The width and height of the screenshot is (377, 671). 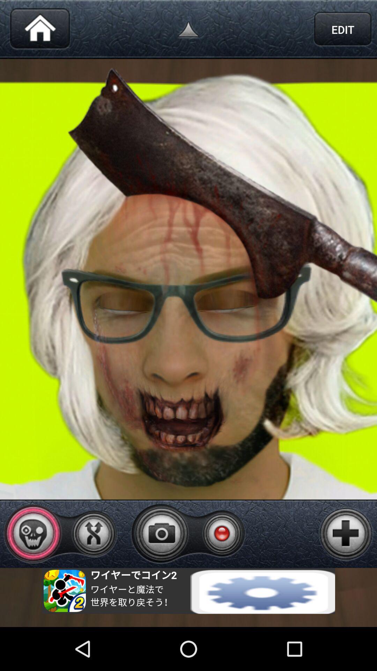 I want to click on record person, so click(x=222, y=533).